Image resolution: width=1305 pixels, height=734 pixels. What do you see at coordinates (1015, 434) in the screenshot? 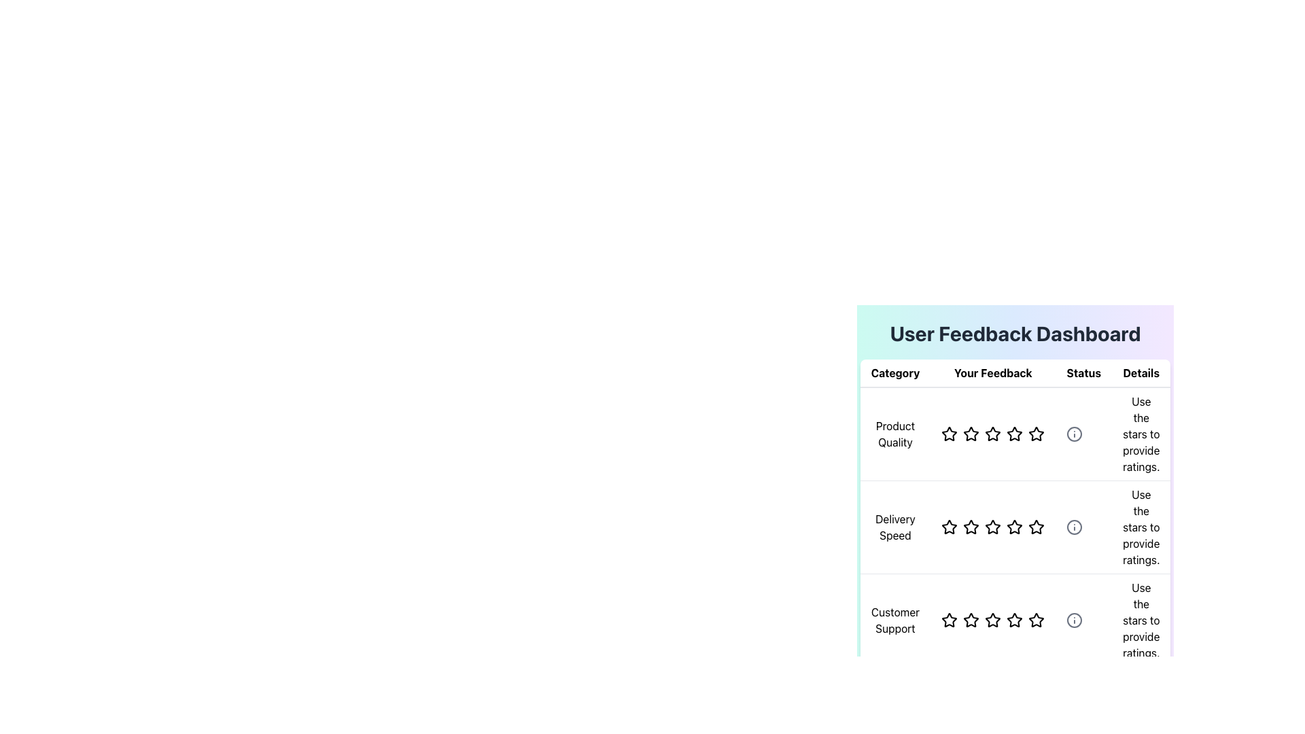
I see `the fourth star-shaped rating icon in the 'Your Feedback' column corresponding to 'Product Quality'` at bounding box center [1015, 434].